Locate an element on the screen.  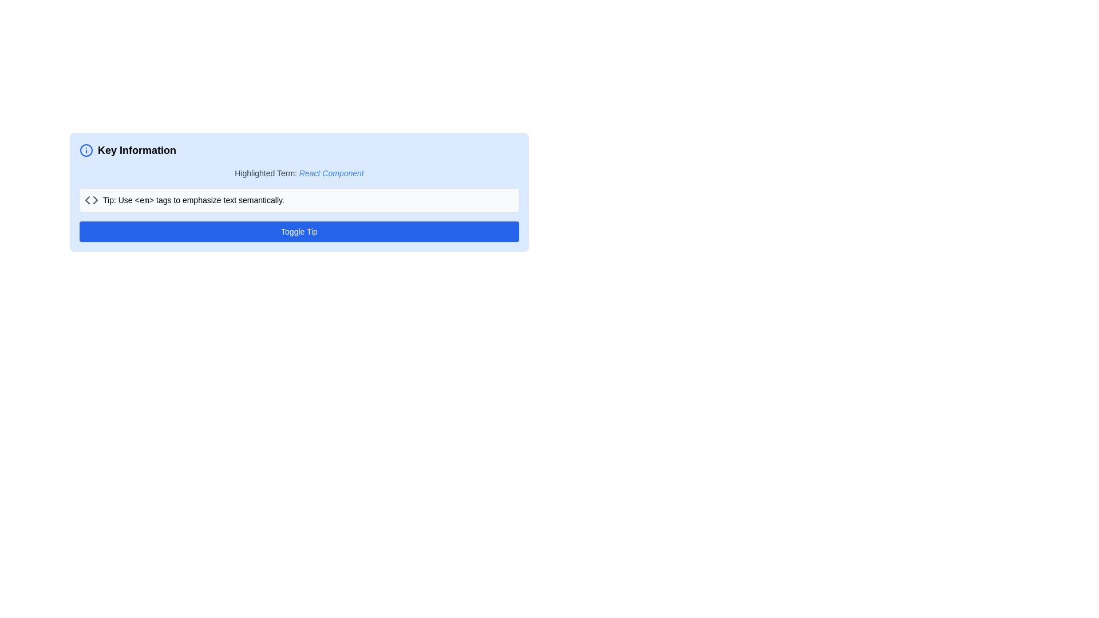
the text snippet element that is rendered as '<em>' within the tooltip instruction, which is part of the line reading 'Tip: Use <em> tags to emphasize text semantically.' is located at coordinates (144, 200).